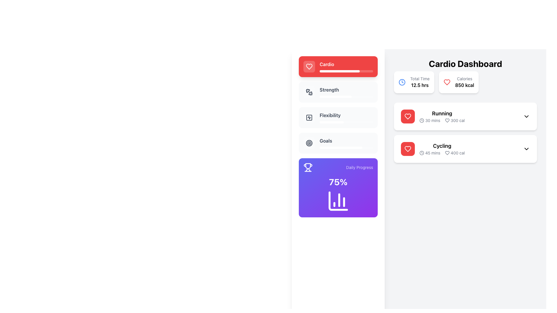  Describe the element at coordinates (340, 71) in the screenshot. I see `the progress bar representing 75% completion within the 'Cardio' section of the health dashboard` at that location.